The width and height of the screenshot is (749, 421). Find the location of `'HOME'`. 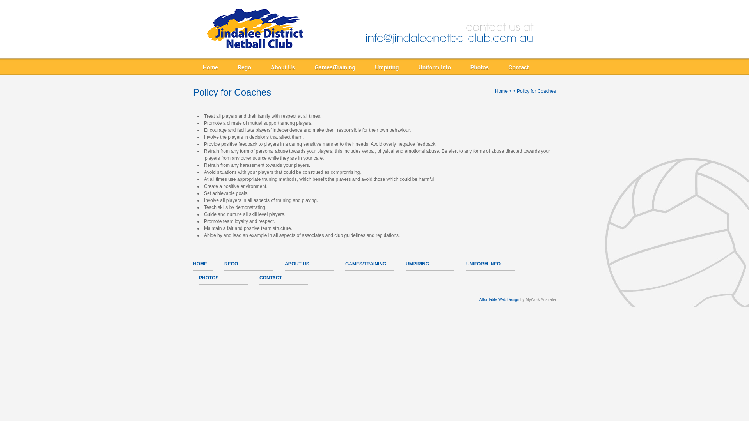

'HOME' is located at coordinates (200, 264).